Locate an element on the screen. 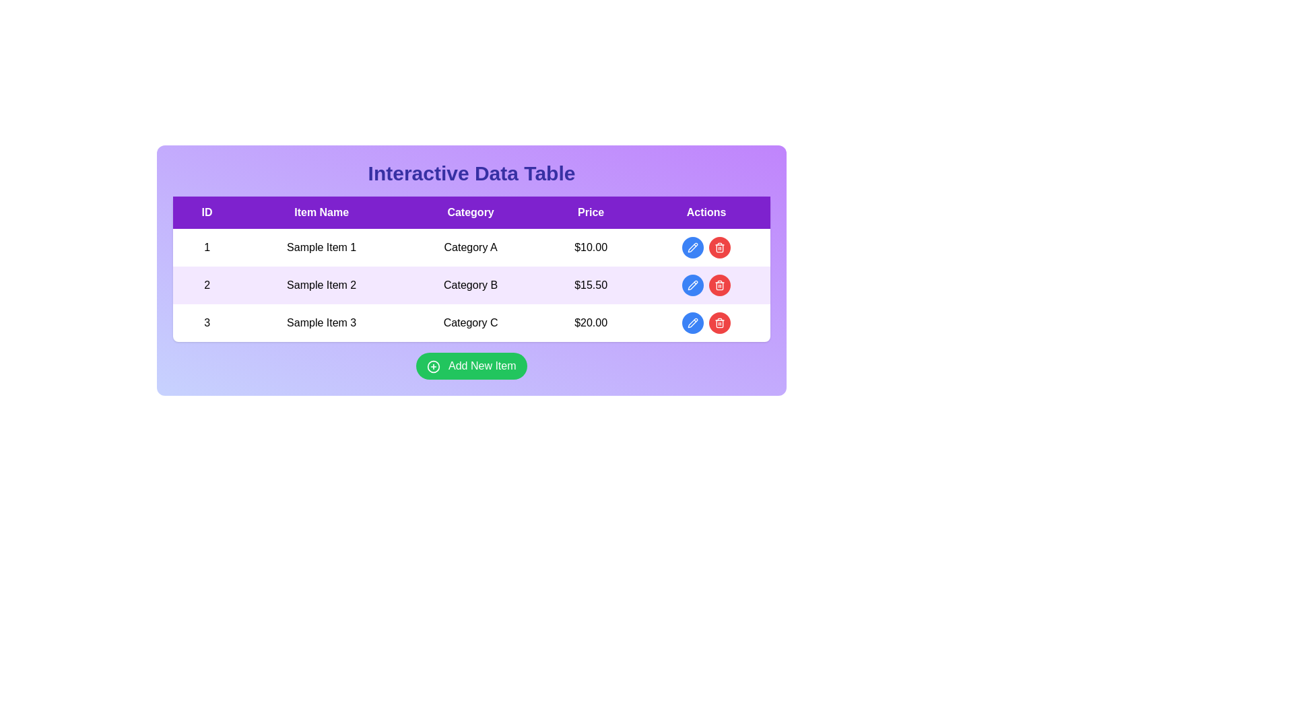 The width and height of the screenshot is (1293, 727). the text entry displaying 'Category A' located in the first row of the data table under the 'Category' column is located at coordinates (471, 247).